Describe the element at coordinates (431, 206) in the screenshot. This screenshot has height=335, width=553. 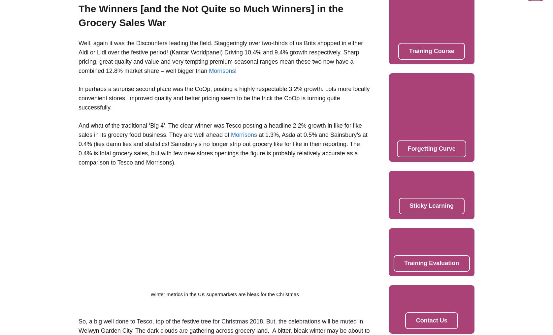
I see `'Sticky Learning'` at that location.